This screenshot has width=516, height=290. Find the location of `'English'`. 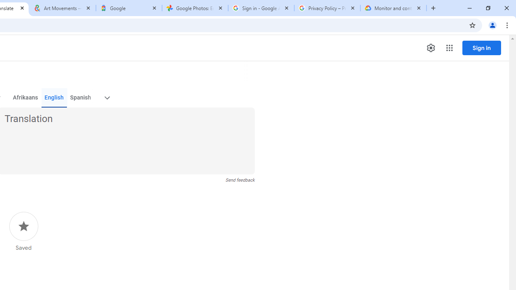

'English' is located at coordinates (54, 97).